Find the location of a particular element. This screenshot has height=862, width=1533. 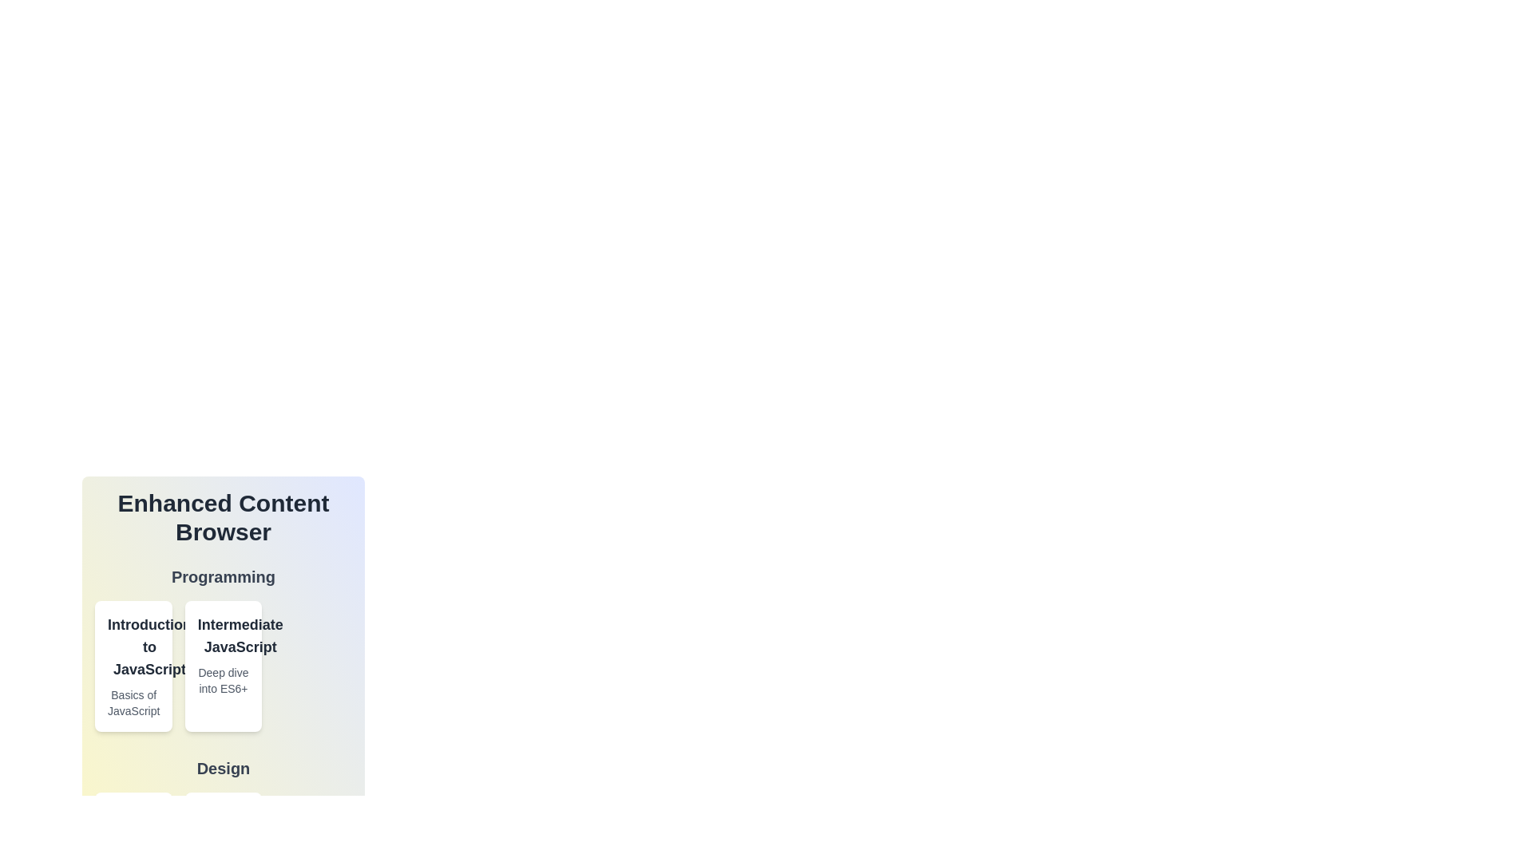

the category title Design to focus on its items is located at coordinates (222, 768).